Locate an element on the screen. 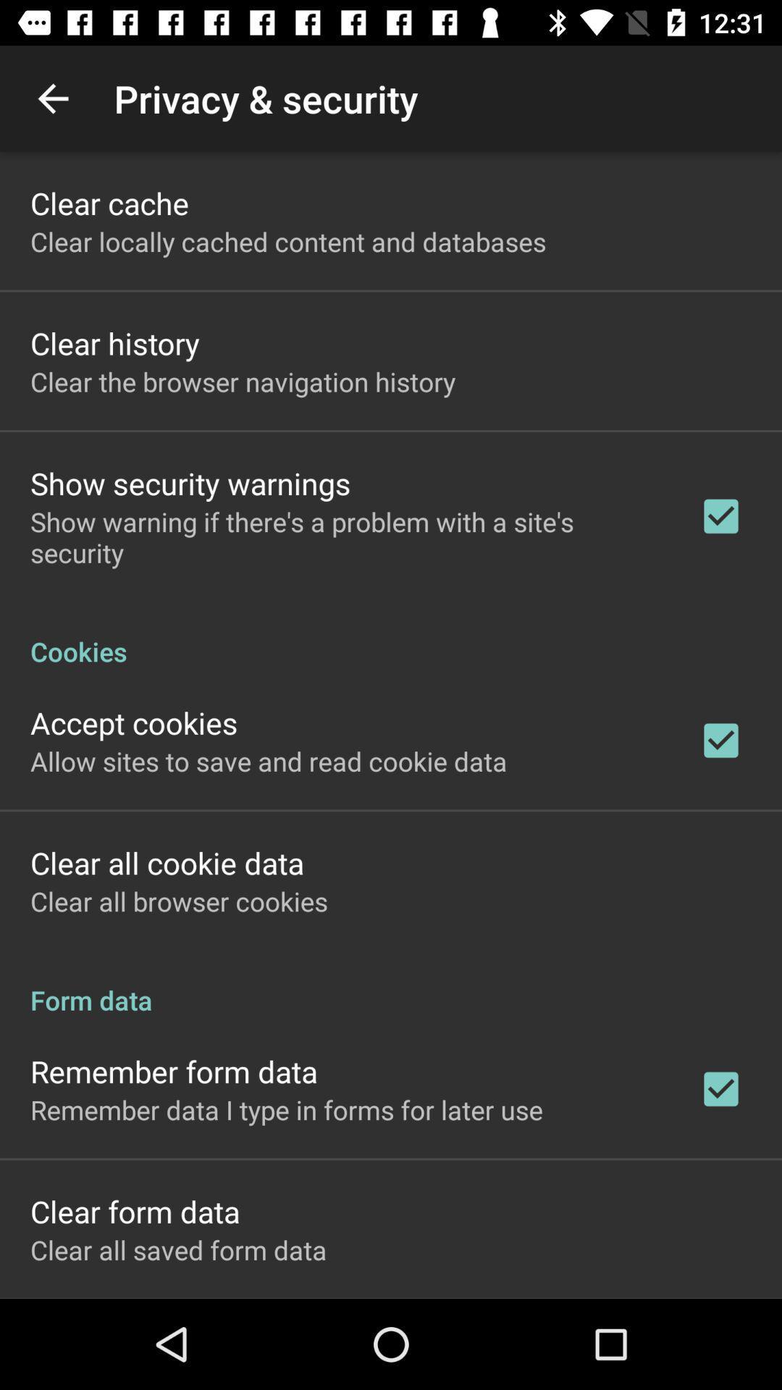  item below the clear cache item is located at coordinates (288, 241).